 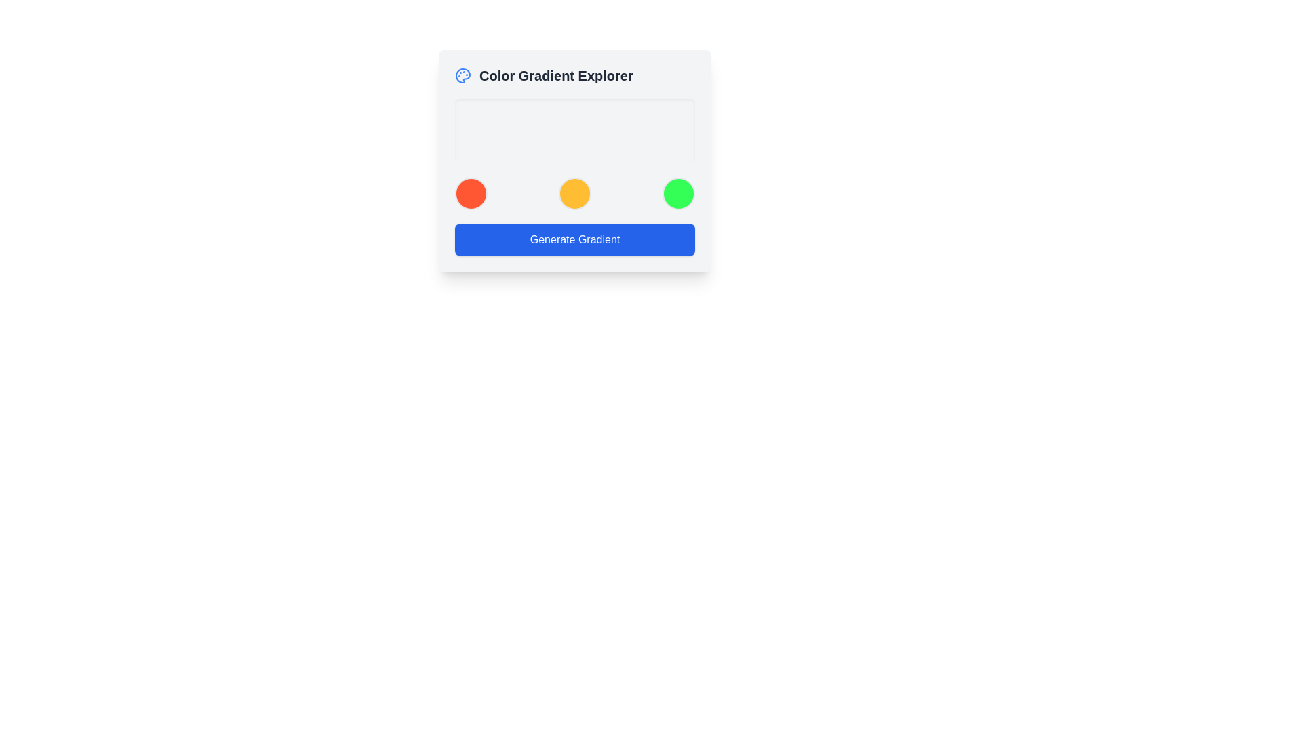 What do you see at coordinates (679, 193) in the screenshot?
I see `the rightmost circle in a horizontal arrangement of three circles, located directly above the blue 'Generate Gradient' button` at bounding box center [679, 193].